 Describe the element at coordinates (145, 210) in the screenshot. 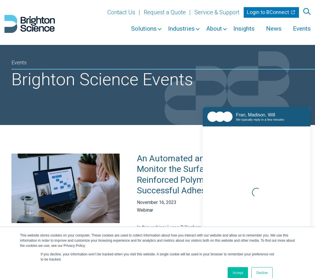

I see `'Webinar'` at that location.